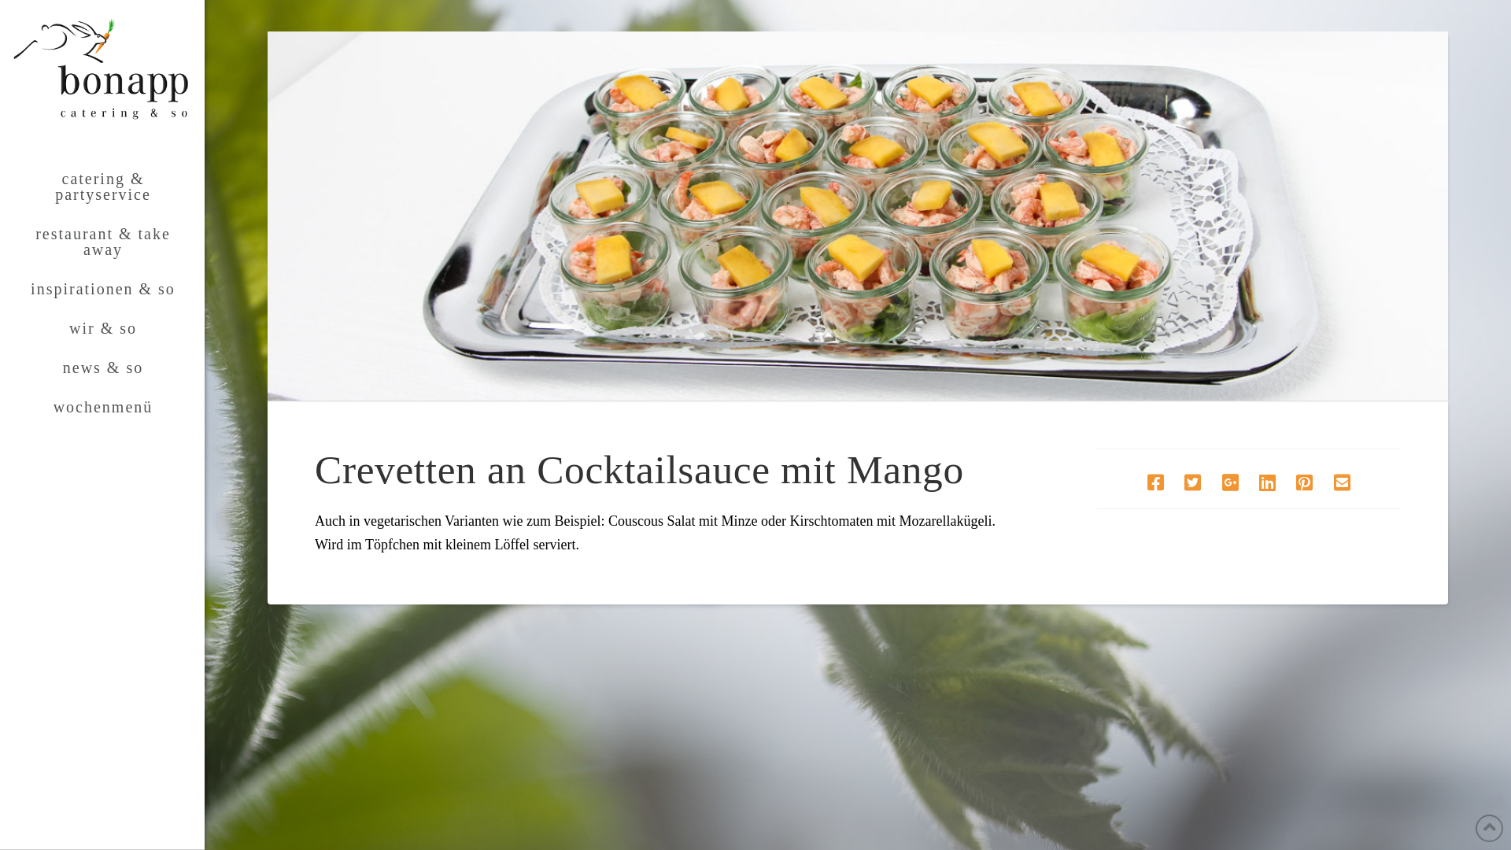 The image size is (1511, 850). Describe the element at coordinates (1488, 827) in the screenshot. I see `'Back to Top'` at that location.